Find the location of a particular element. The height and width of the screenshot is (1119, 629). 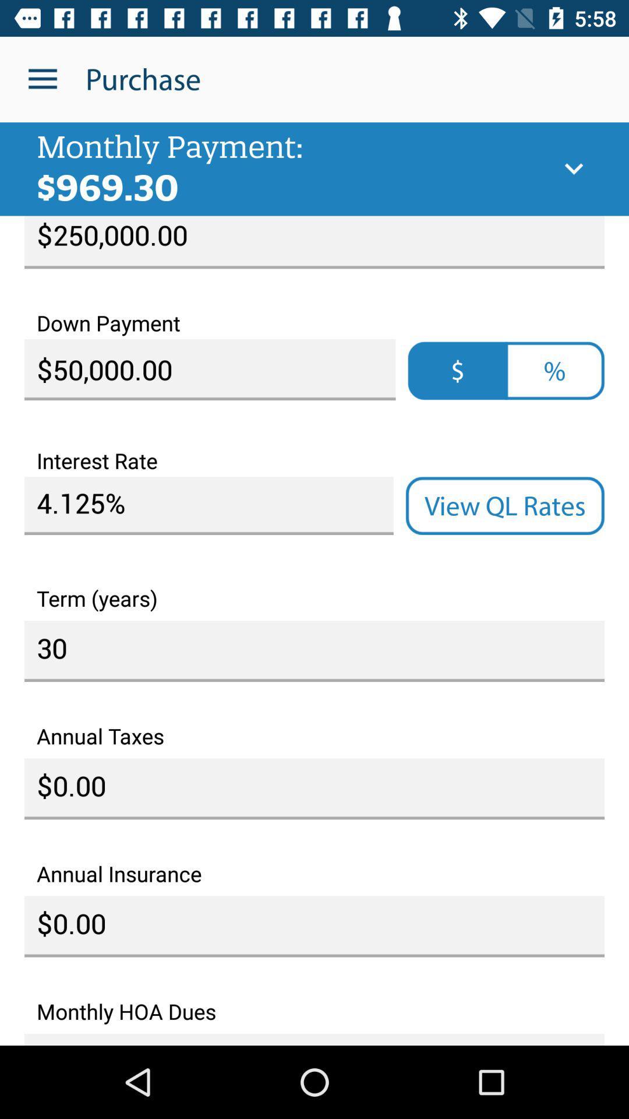

the icon to the right of the $50,000.00 icon is located at coordinates (554, 370).